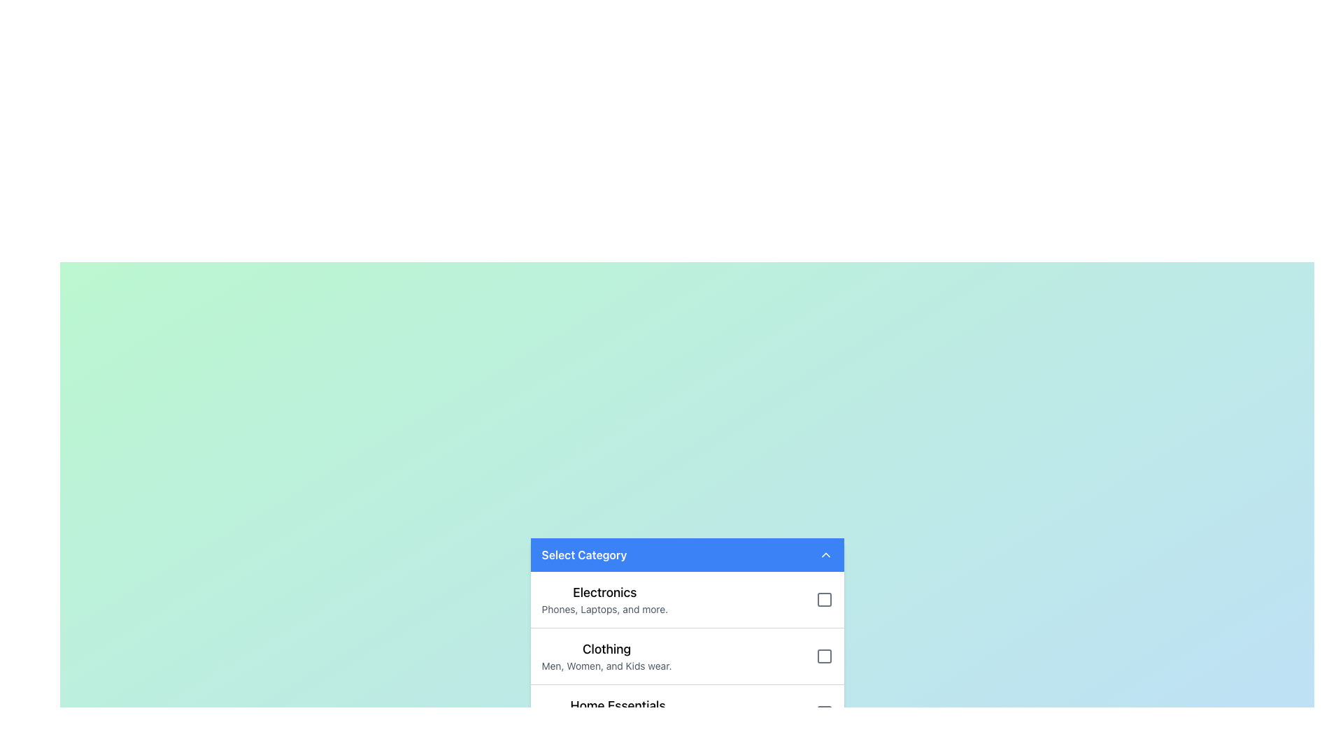 The image size is (1343, 755). I want to click on the Dropdown toggle bar labeled 'Select Category', so click(687, 554).